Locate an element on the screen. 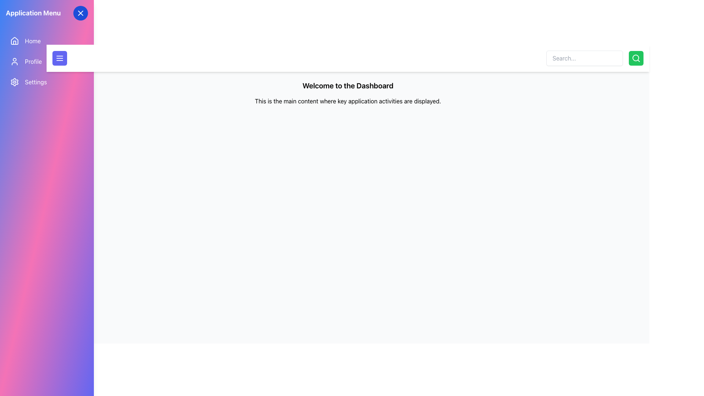 The height and width of the screenshot is (396, 704). the circular element that is part of the magnifying glass icon located at the far-right side of the top navigation bar is located at coordinates (635, 58).